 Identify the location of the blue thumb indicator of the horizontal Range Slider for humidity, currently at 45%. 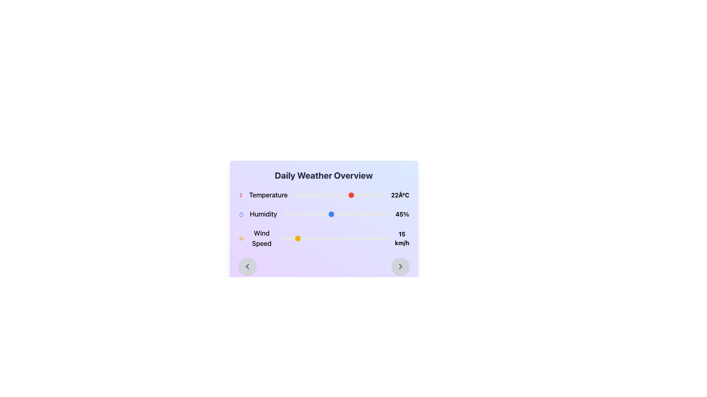
(336, 214).